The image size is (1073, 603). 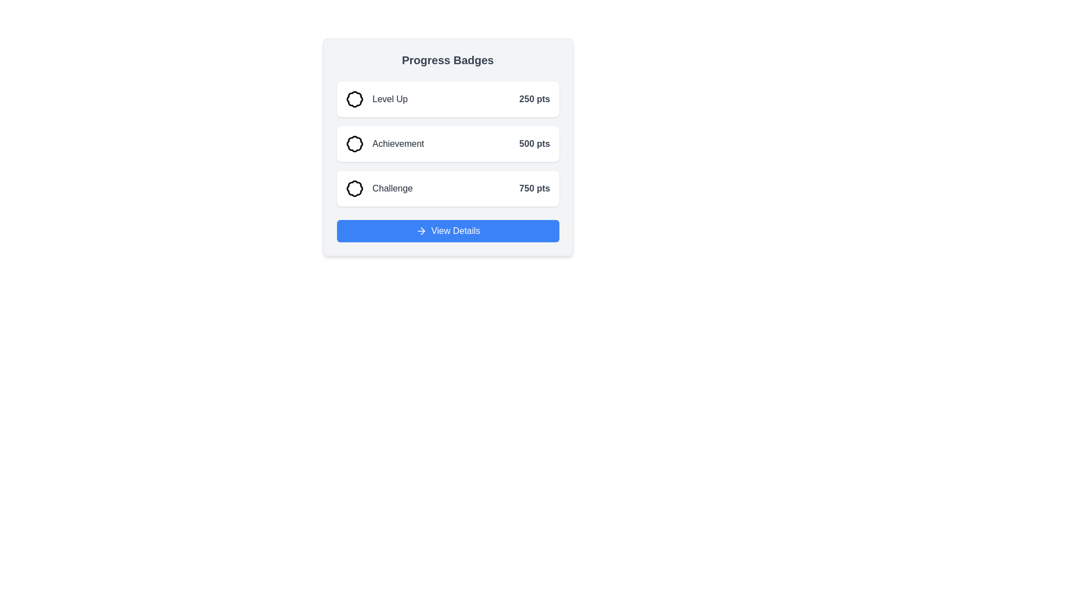 What do you see at coordinates (354, 188) in the screenshot?
I see `the 'Challenge' achievement icon located in the 'Progress Badges' section, positioned to the left of the text labeled 'Challenge'` at bounding box center [354, 188].